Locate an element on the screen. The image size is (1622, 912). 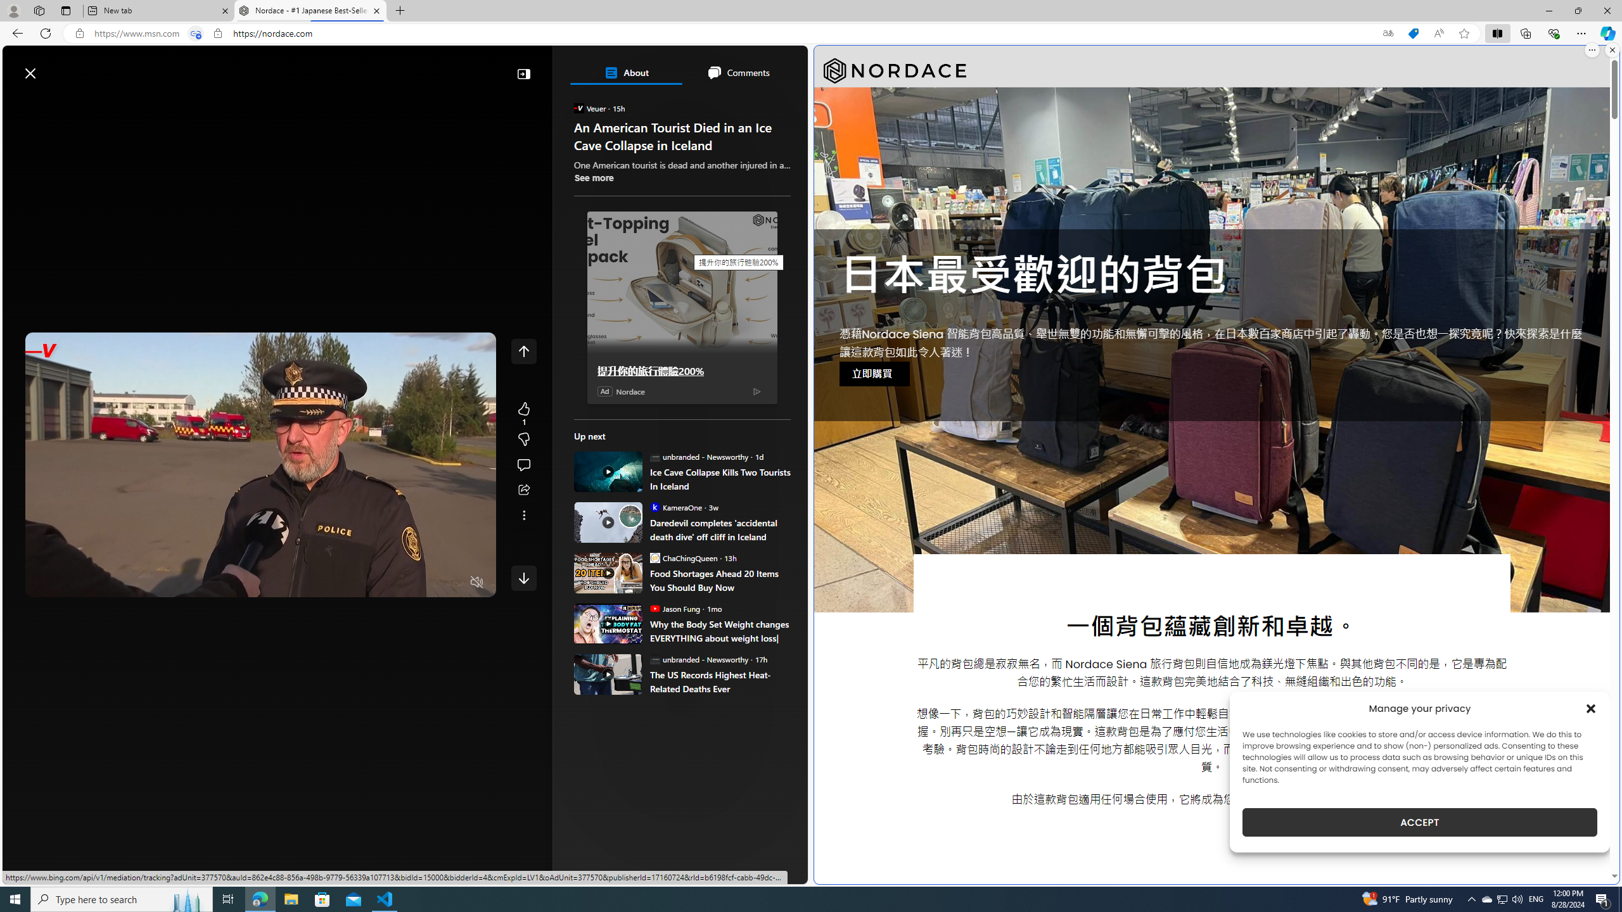
'KameraOne KameraOne' is located at coordinates (675, 507).